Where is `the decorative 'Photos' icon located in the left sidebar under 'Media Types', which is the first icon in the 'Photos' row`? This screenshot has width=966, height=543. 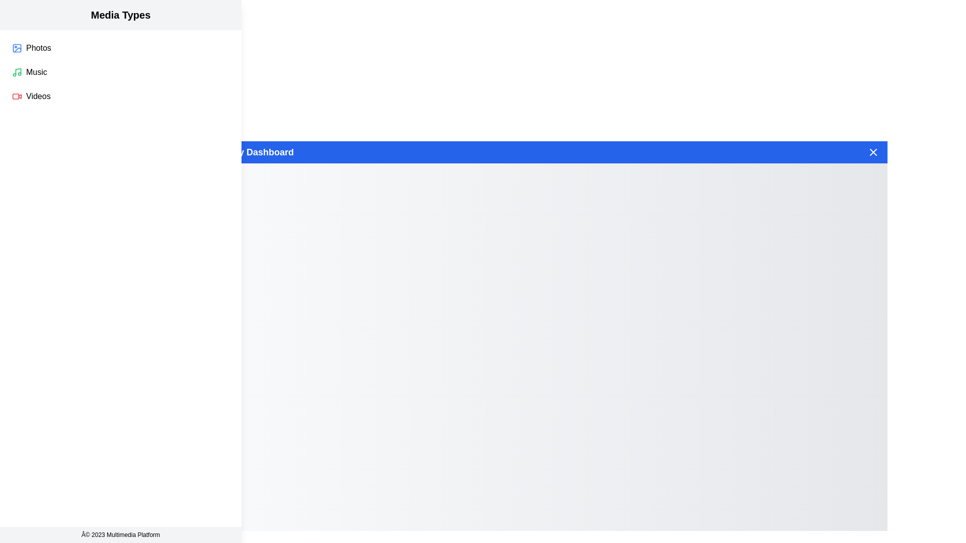
the decorative 'Photos' icon located in the left sidebar under 'Media Types', which is the first icon in the 'Photos' row is located at coordinates (17, 48).